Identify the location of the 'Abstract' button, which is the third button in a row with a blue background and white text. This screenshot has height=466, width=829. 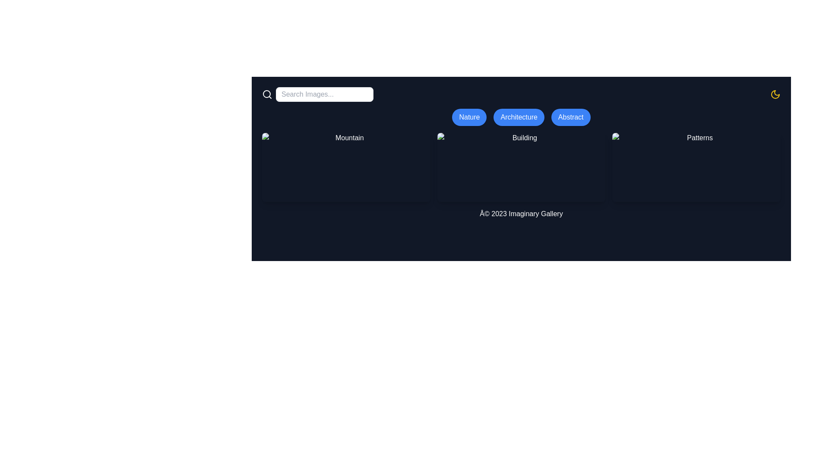
(571, 117).